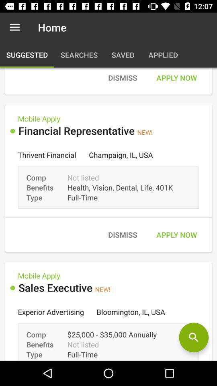 The height and width of the screenshot is (386, 217). I want to click on the icon next to the home item, so click(14, 27).